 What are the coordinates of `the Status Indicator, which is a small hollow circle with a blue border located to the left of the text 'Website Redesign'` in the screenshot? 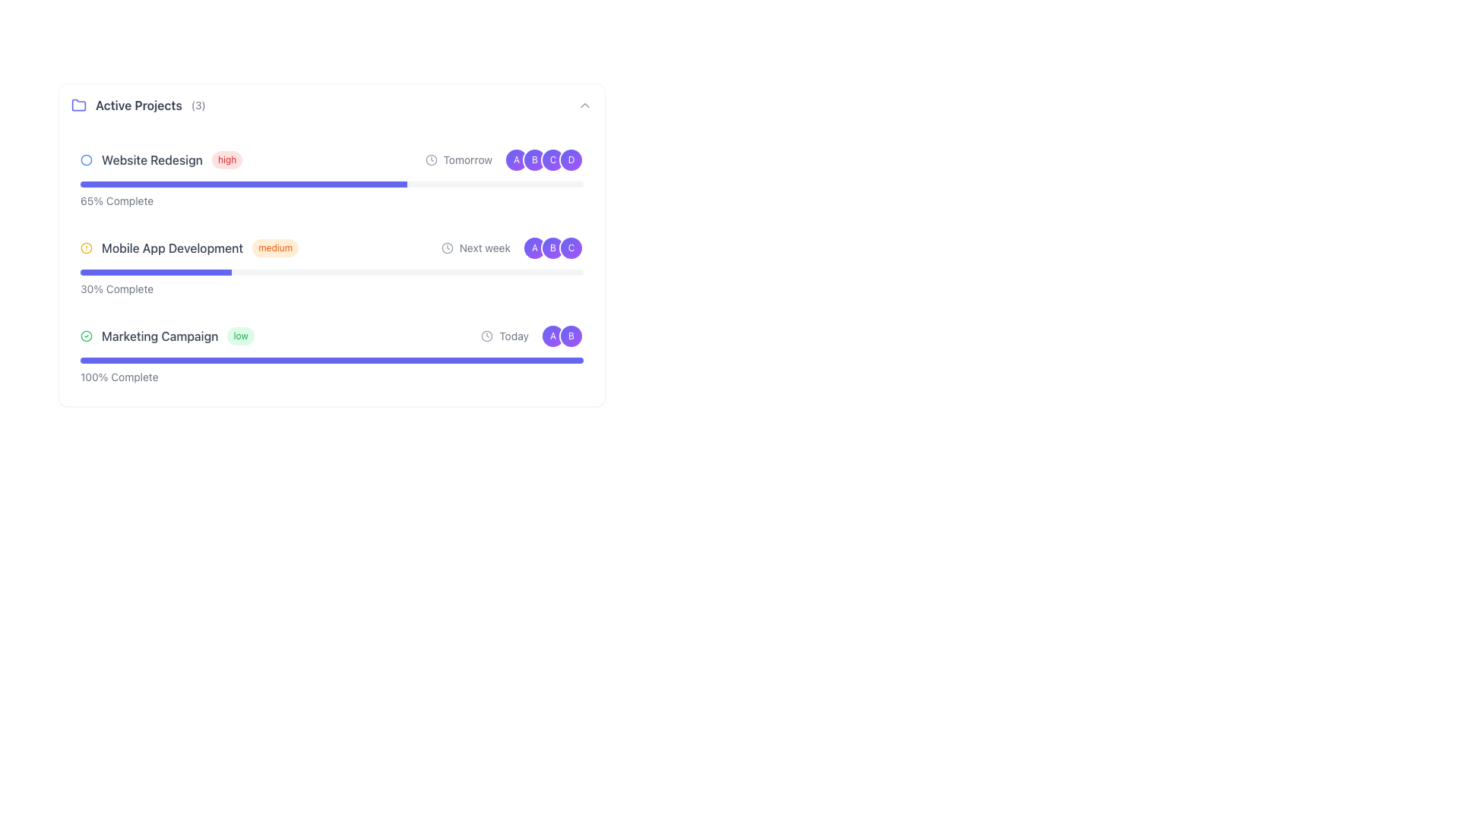 It's located at (86, 160).